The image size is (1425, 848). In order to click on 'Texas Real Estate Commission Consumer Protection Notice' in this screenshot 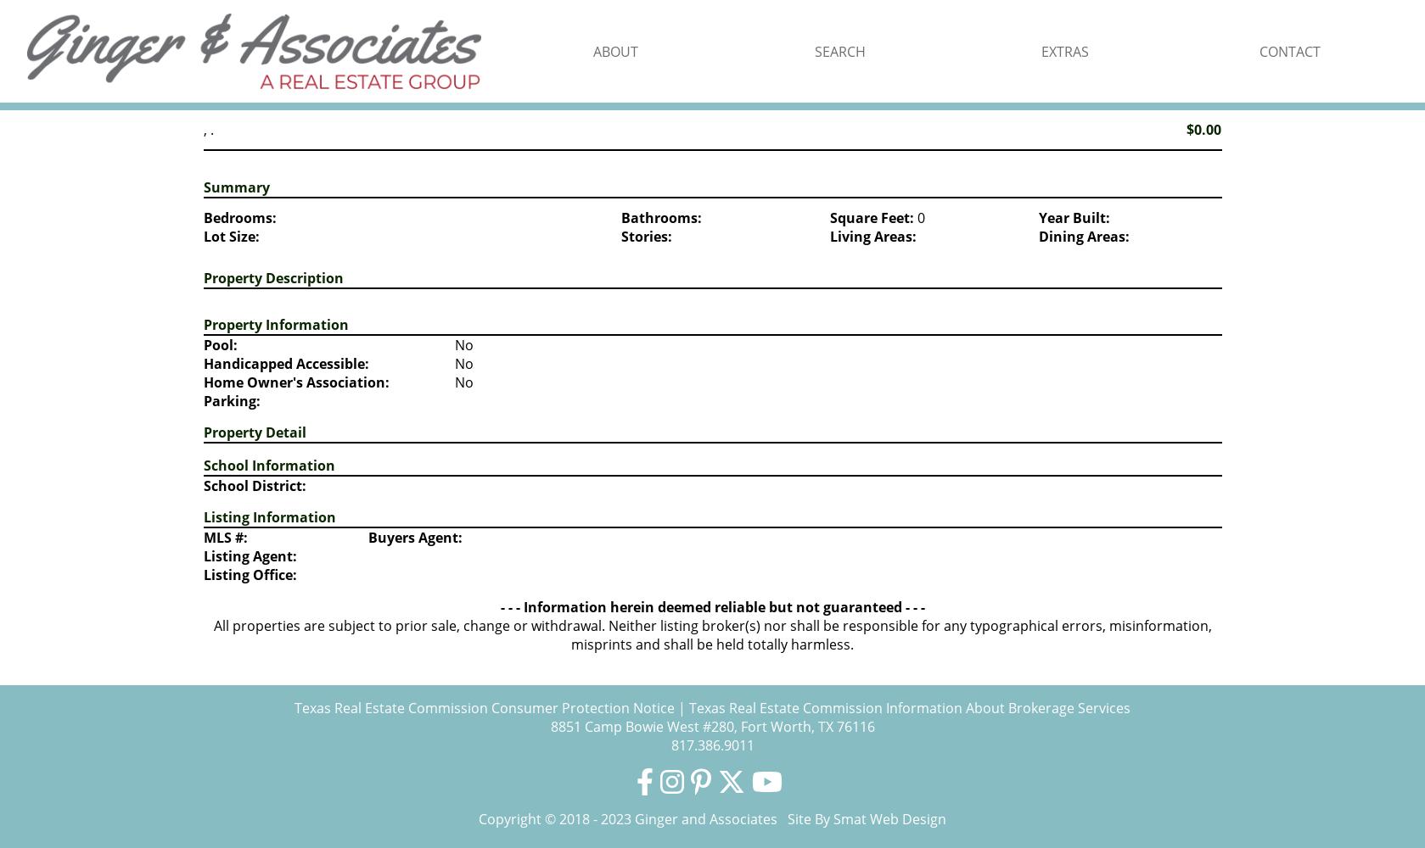, I will do `click(485, 707)`.